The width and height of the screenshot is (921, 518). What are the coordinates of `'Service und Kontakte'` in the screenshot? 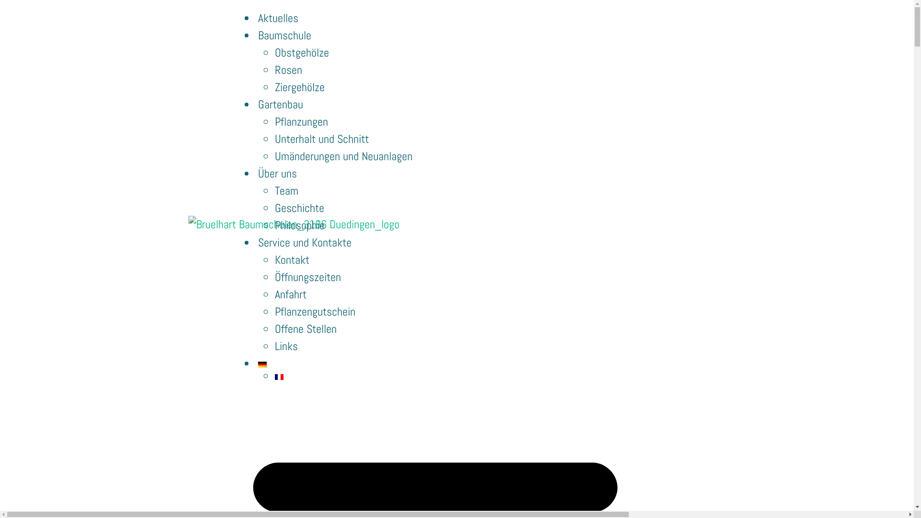 It's located at (304, 242).